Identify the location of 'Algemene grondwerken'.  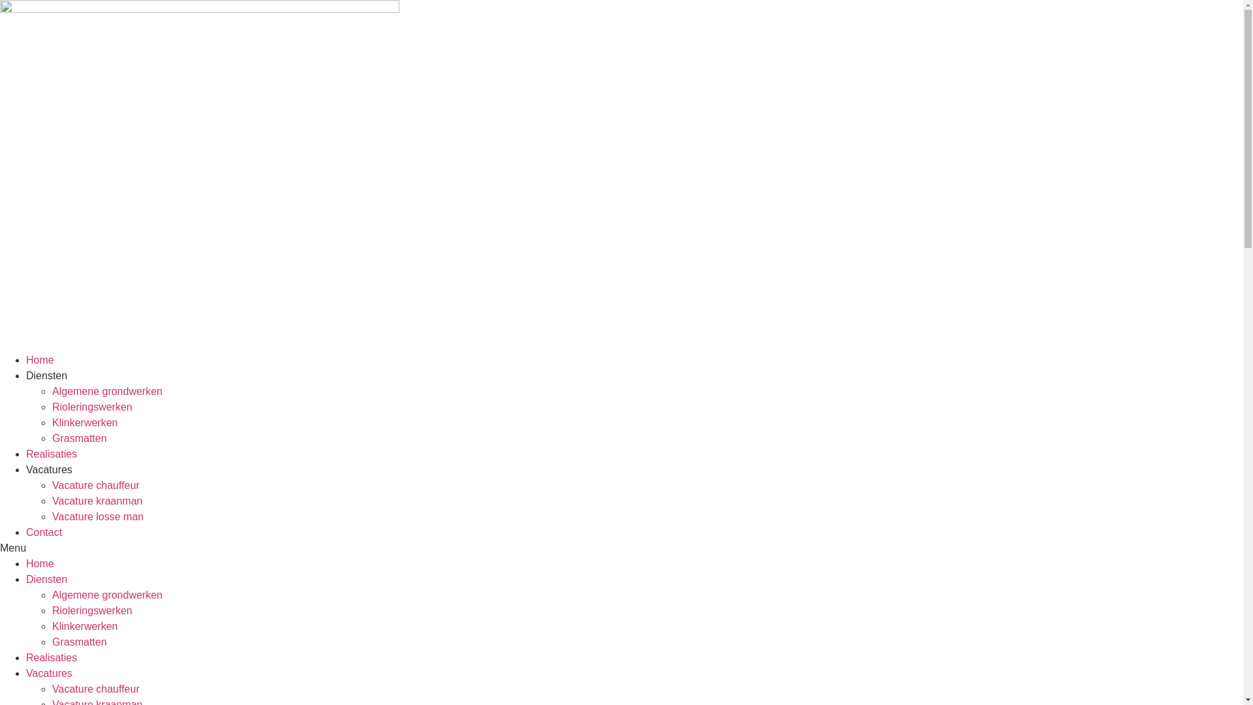
(107, 595).